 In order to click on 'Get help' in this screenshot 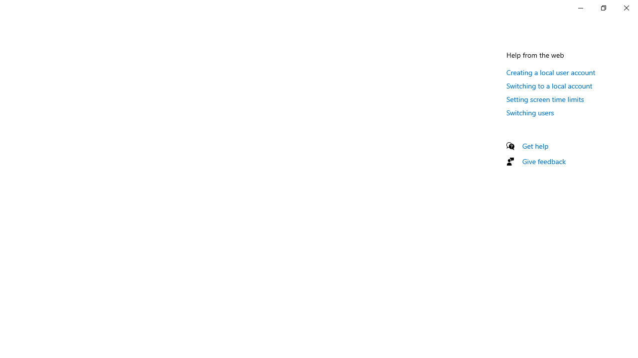, I will do `click(535, 146)`.